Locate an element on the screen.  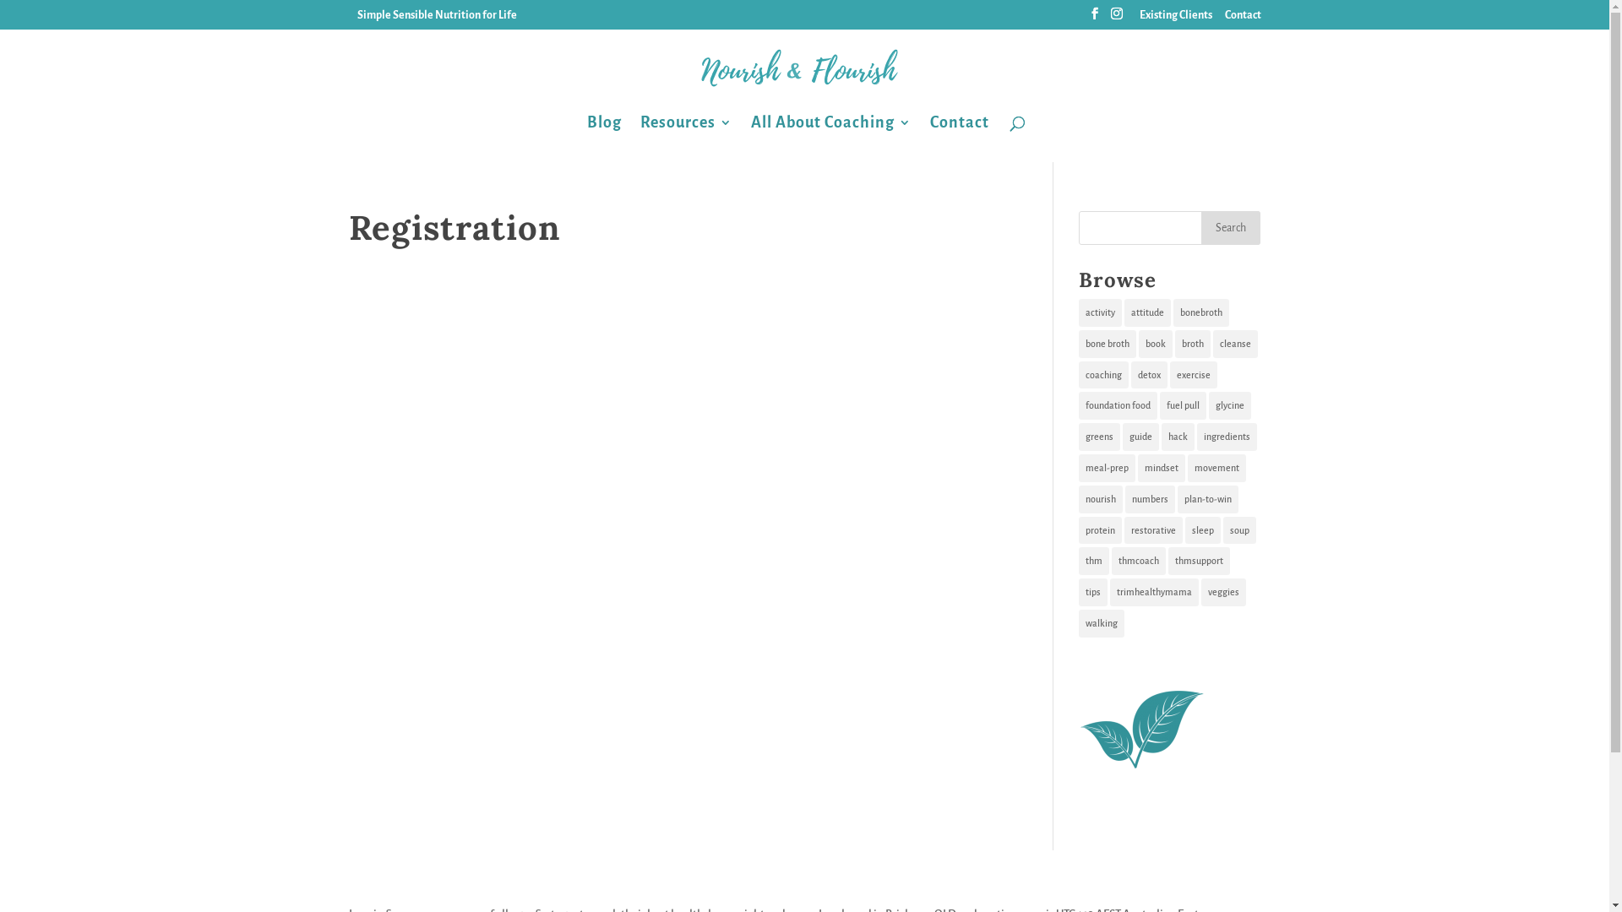
'hack' is located at coordinates (1177, 436).